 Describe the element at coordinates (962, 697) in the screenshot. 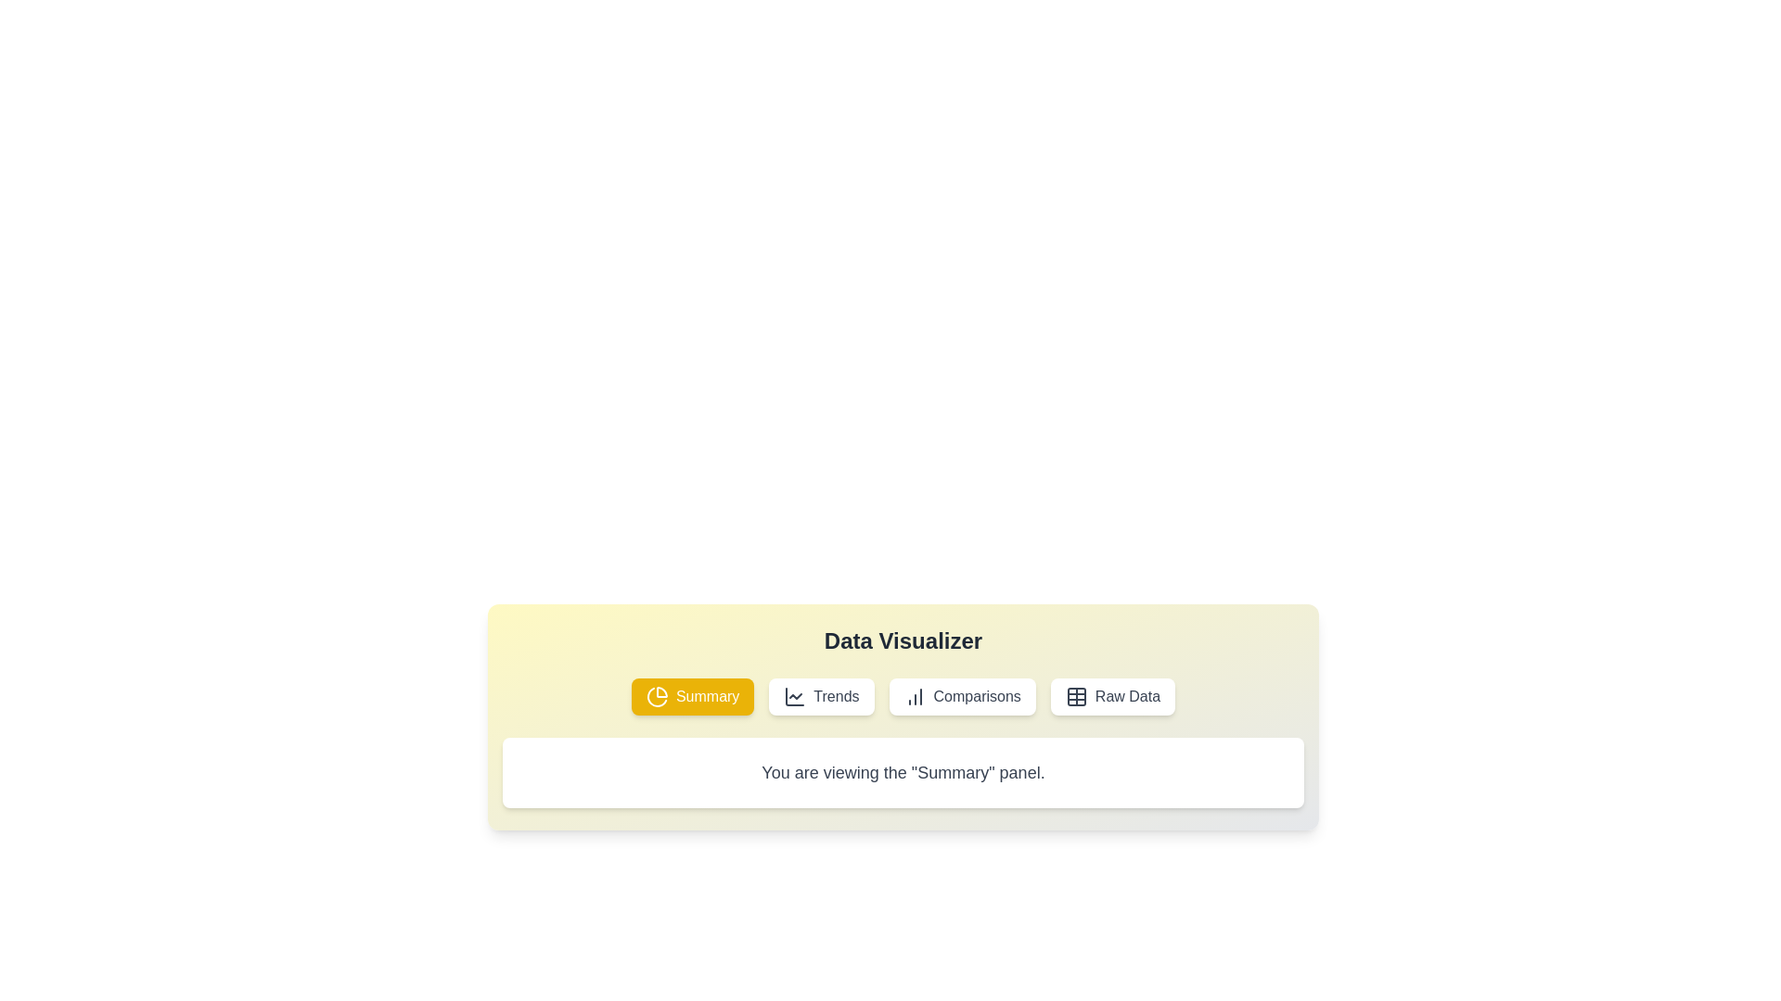

I see `the 'Comparisons' button located between the 'Trends' and 'Raw Data' buttons to switch views` at that location.